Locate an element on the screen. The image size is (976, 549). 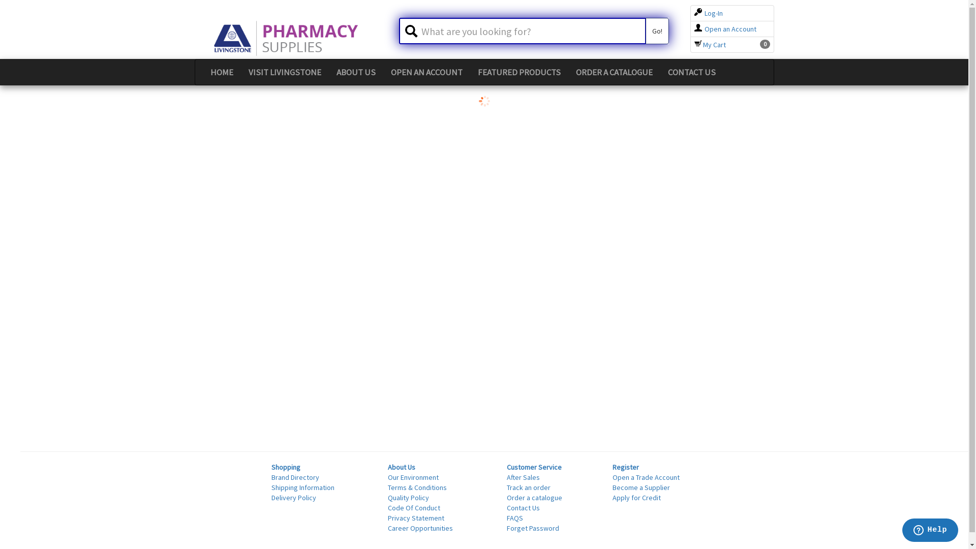
'About Us' is located at coordinates (401, 467).